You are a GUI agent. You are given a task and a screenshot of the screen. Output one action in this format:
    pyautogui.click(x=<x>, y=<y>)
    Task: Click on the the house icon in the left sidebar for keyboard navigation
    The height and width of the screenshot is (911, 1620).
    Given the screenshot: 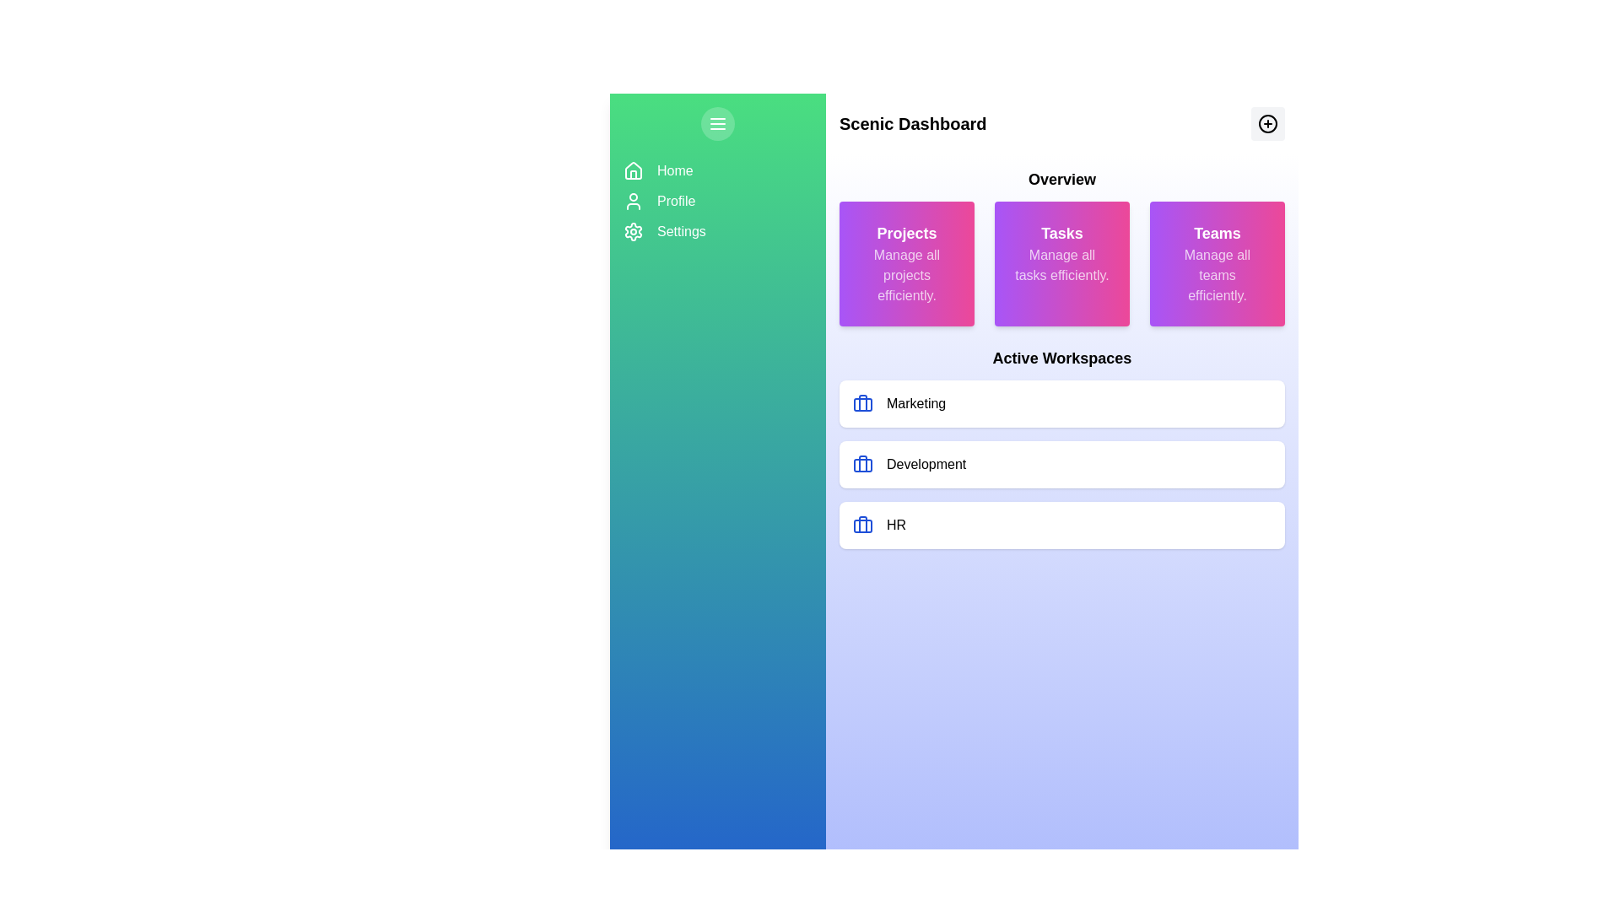 What is the action you would take?
    pyautogui.click(x=632, y=171)
    